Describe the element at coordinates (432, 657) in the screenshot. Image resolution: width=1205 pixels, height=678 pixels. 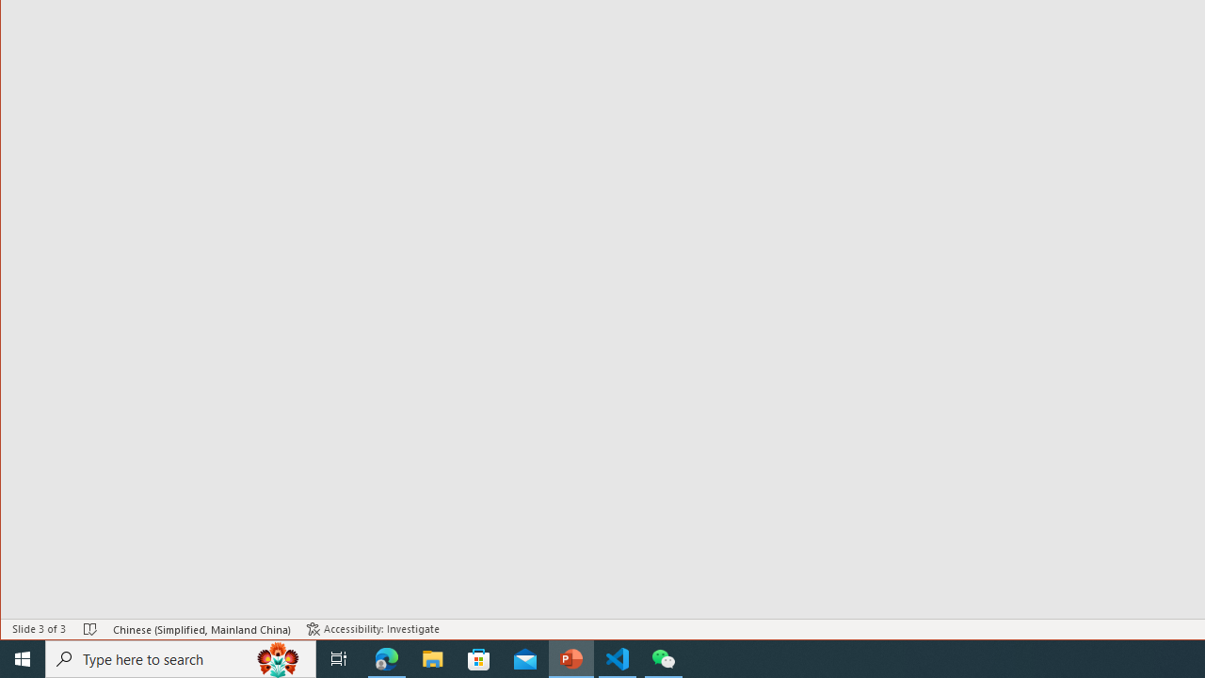
I see `'File Explorer'` at that location.